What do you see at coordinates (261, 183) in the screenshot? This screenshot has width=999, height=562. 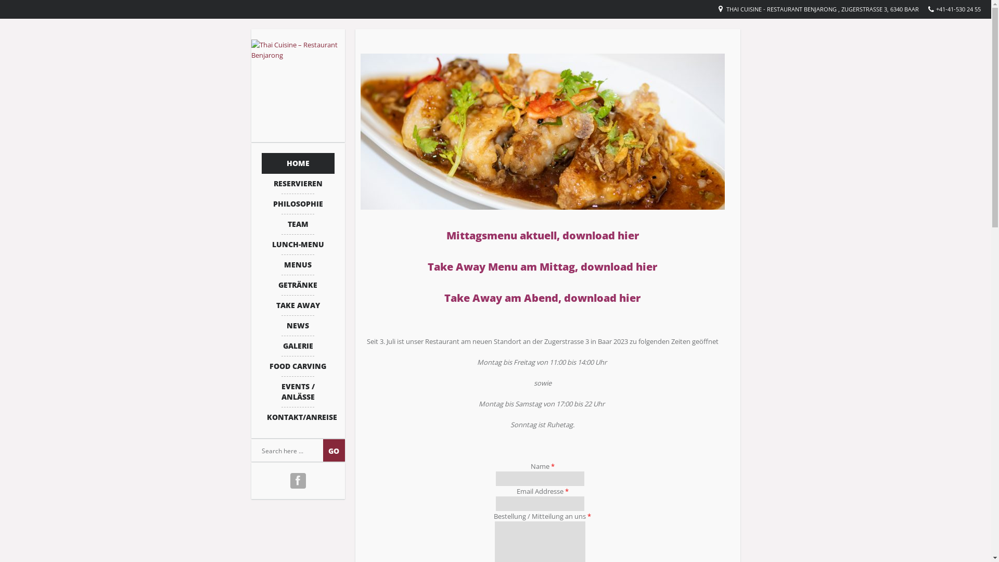 I see `'RESERVIEREN'` at bounding box center [261, 183].